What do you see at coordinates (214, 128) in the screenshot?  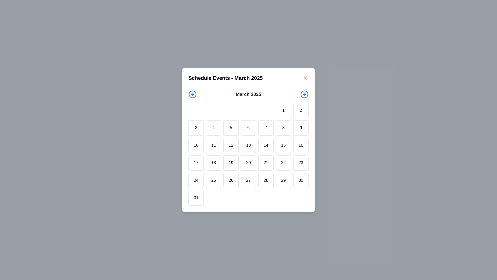 I see `the square button labeled '4' that is the fourth item in the second row of the grid layout within the 'Schedule Events - March 2025' modal dialog` at bounding box center [214, 128].